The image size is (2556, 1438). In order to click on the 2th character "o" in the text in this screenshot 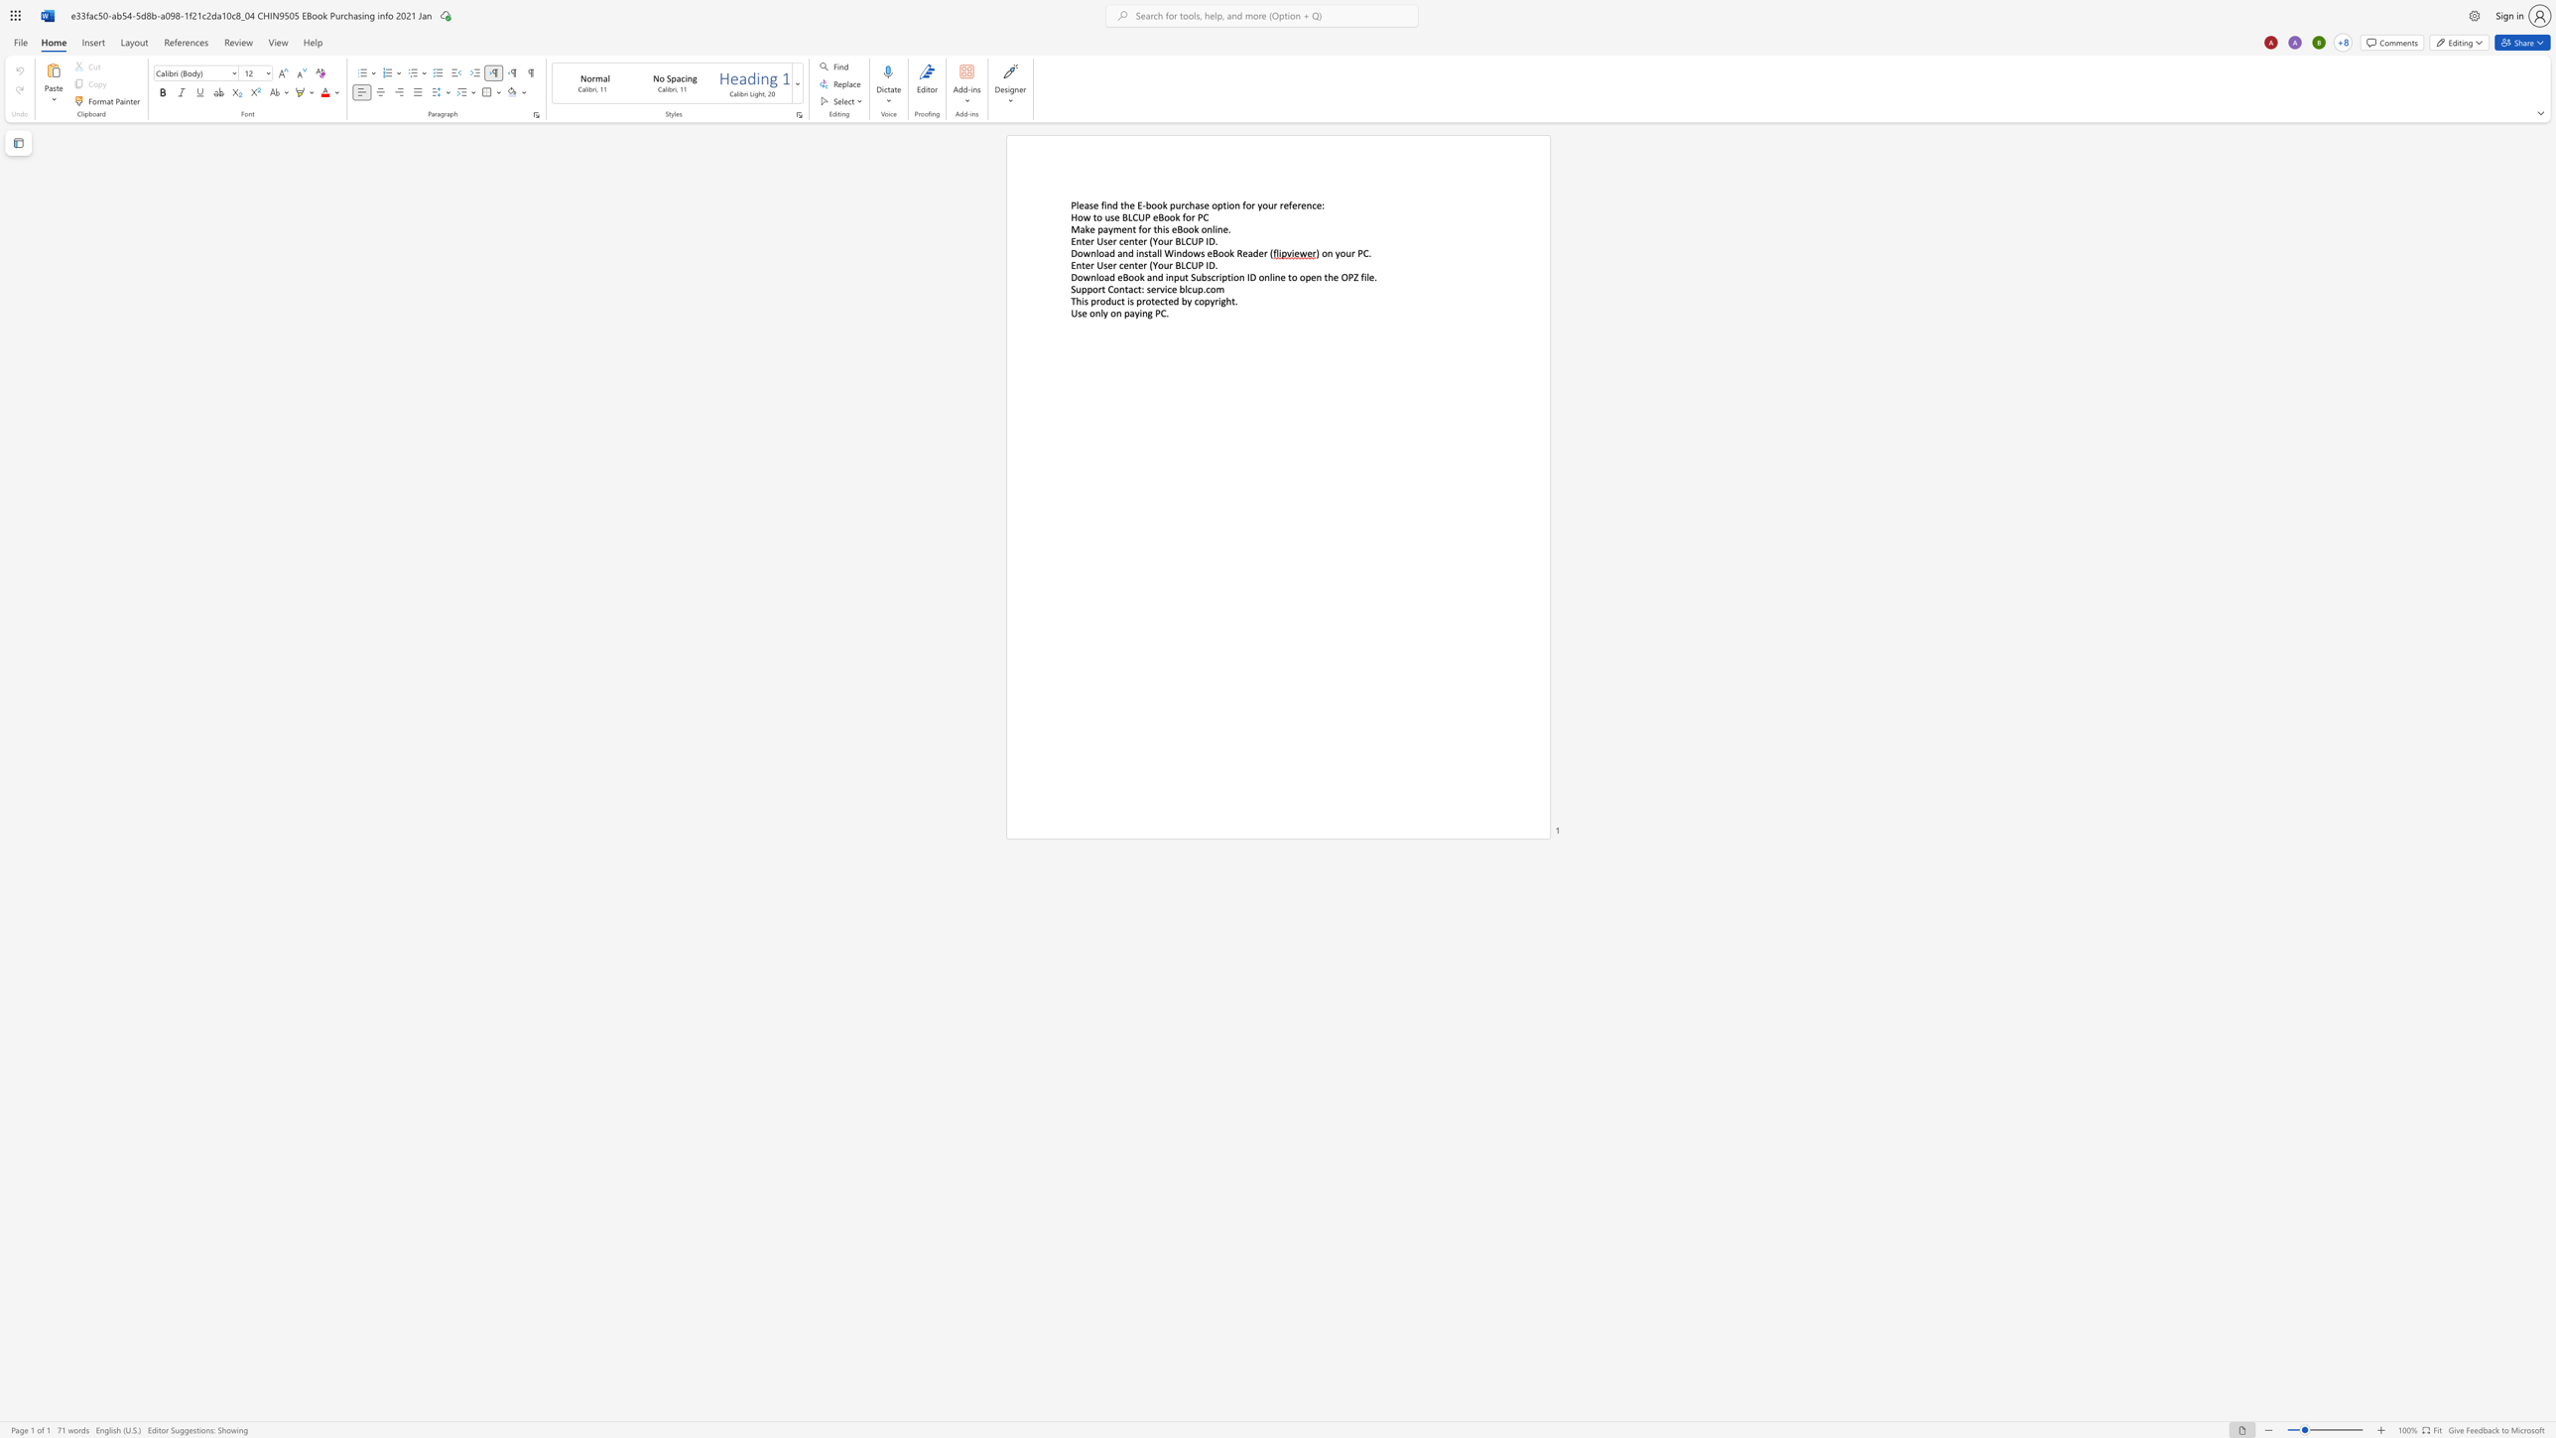, I will do `click(1101, 276)`.